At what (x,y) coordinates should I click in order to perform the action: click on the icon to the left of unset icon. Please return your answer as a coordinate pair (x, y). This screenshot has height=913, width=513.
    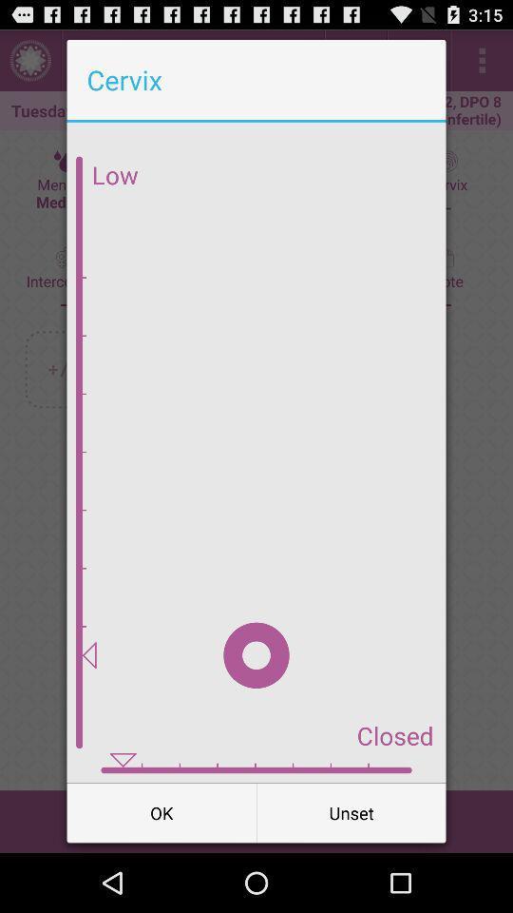
    Looking at the image, I should click on (161, 811).